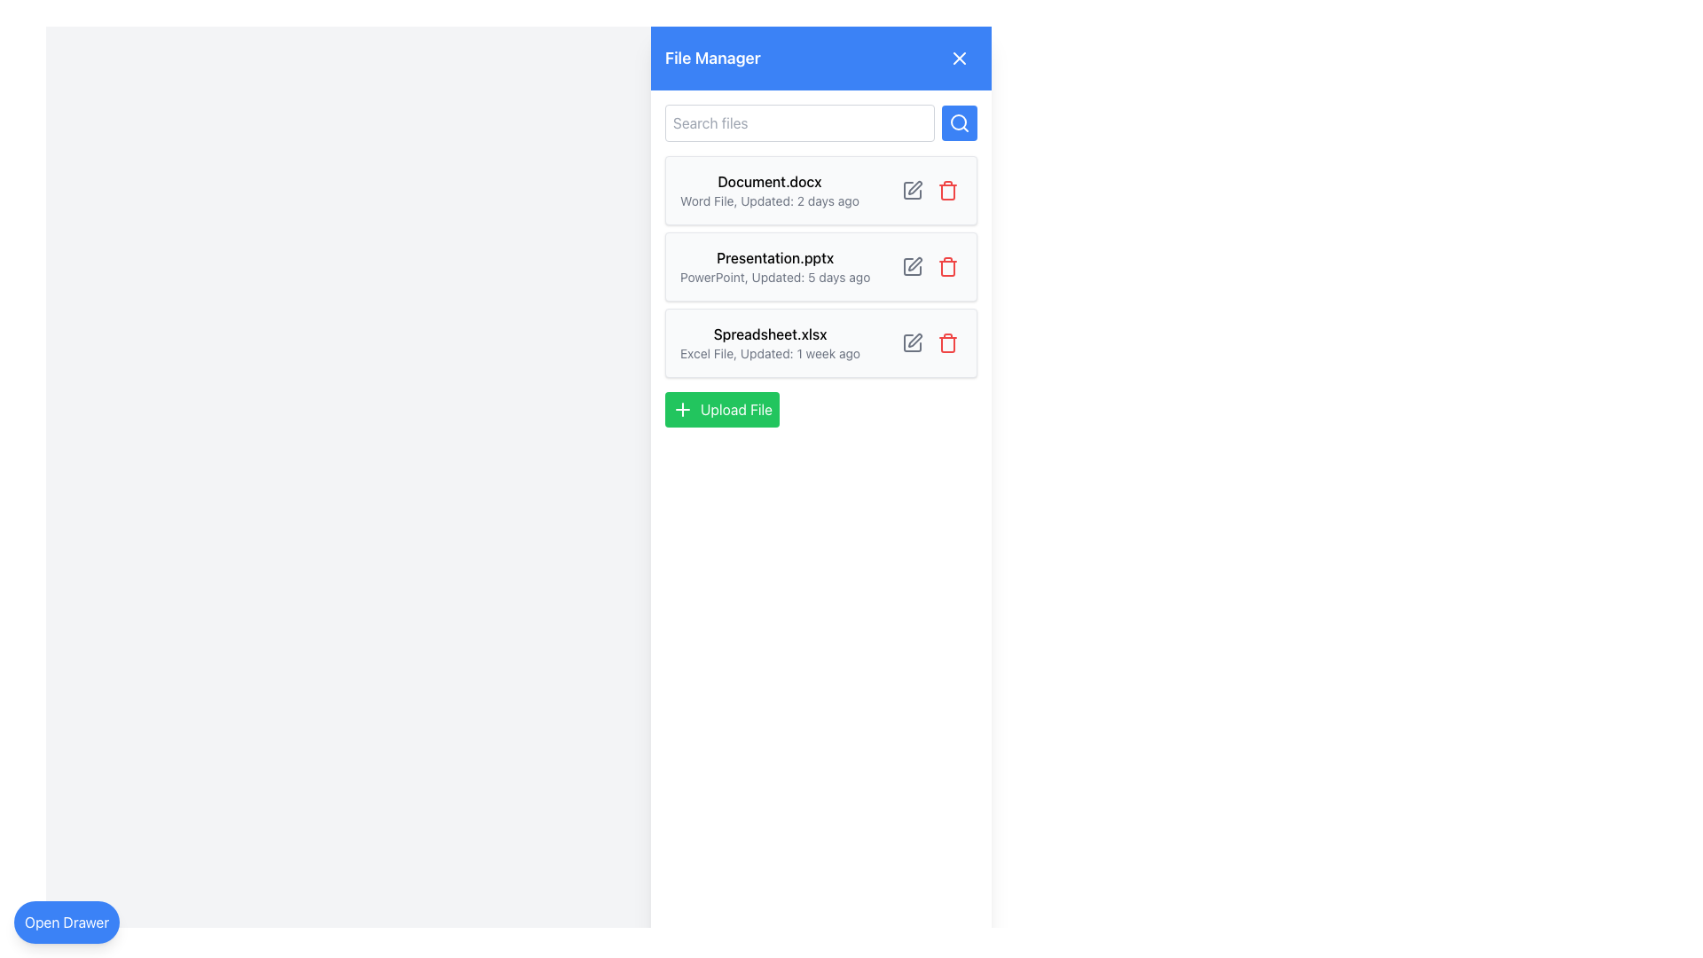 Image resolution: width=1703 pixels, height=958 pixels. Describe the element at coordinates (736, 410) in the screenshot. I see `the 'Upload File' label, which is styled in white text against a green rectangular background with rounded corners, located to the right of a green plus icon in the button group` at that location.